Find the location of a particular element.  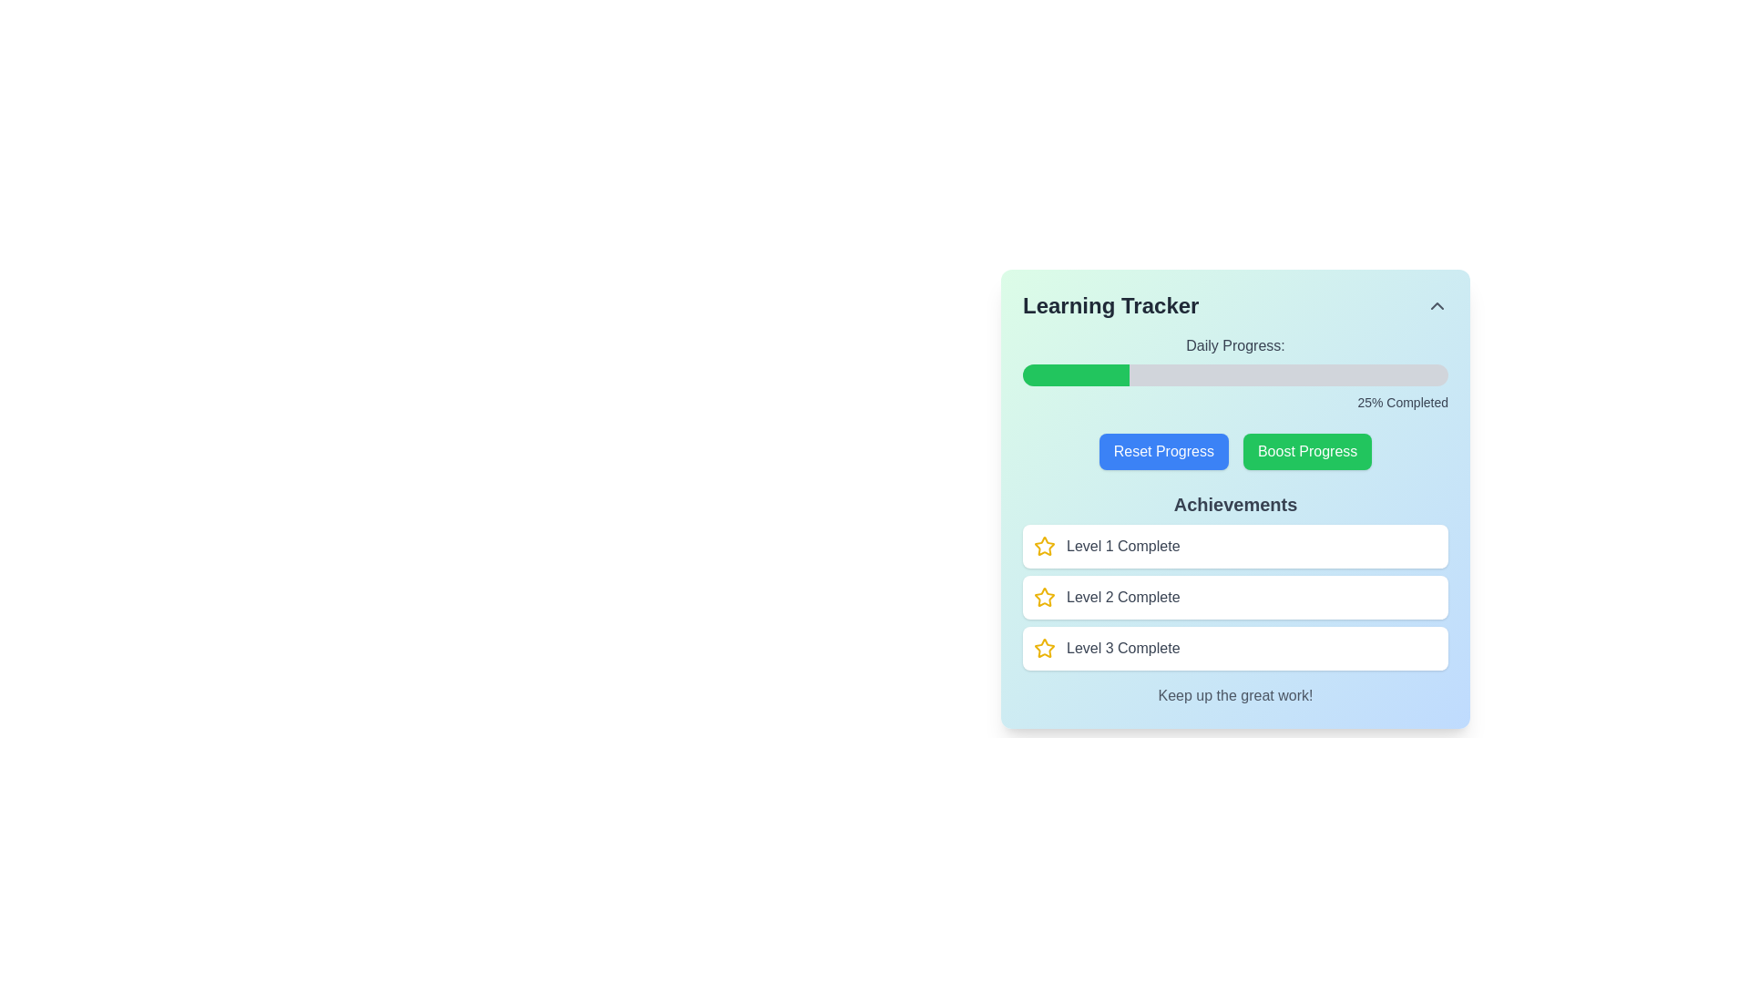

the leftmost segment of the green progress bar, which occupies 20% of the total width within the larger grey progress bar is located at coordinates (1065, 374).